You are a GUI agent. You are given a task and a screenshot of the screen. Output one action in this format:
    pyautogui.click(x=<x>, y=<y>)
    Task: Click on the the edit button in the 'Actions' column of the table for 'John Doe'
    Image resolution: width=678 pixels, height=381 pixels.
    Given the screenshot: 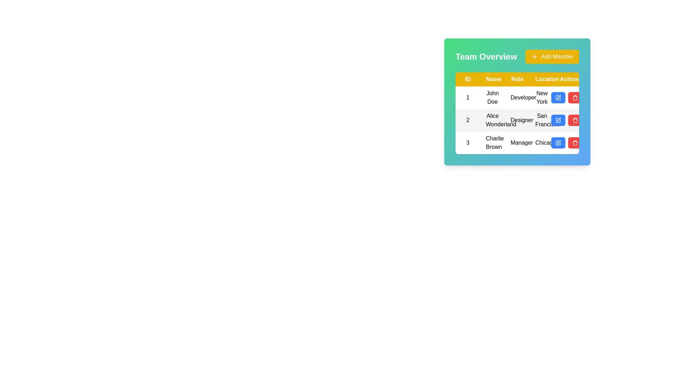 What is the action you would take?
    pyautogui.click(x=558, y=98)
    